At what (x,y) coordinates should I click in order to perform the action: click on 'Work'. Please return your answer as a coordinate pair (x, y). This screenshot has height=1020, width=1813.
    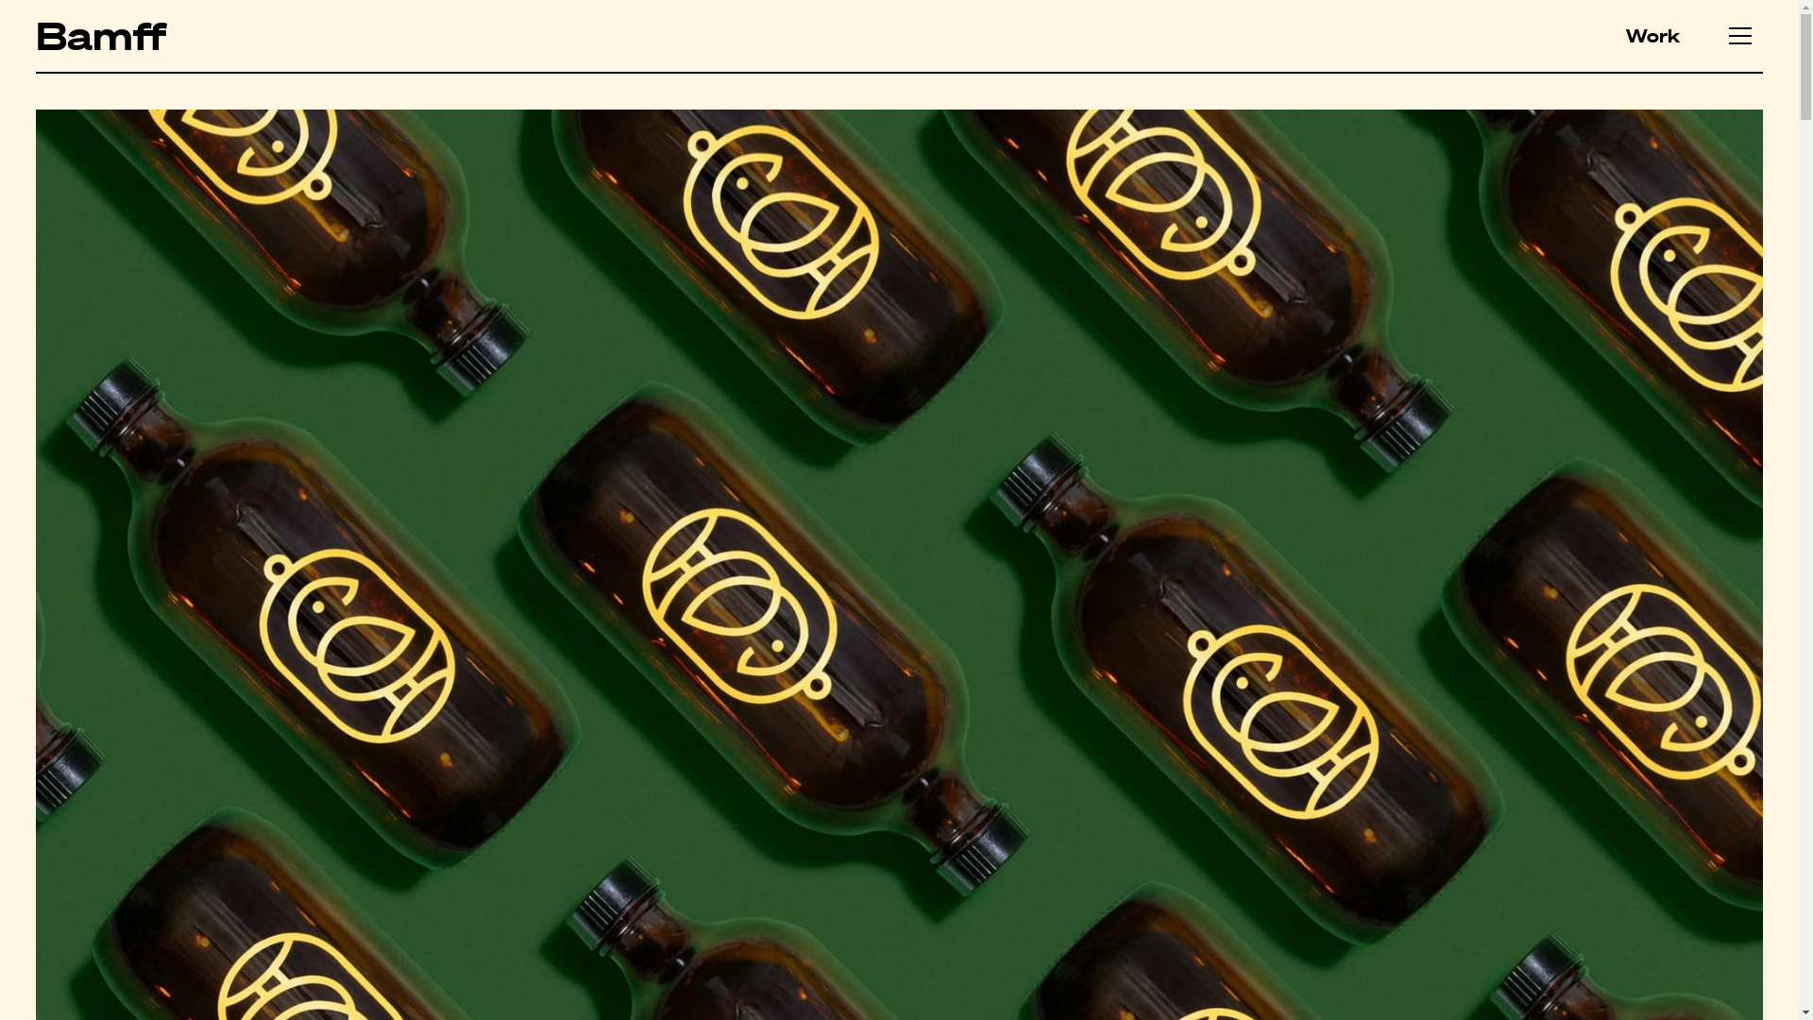
    Looking at the image, I should click on (1652, 36).